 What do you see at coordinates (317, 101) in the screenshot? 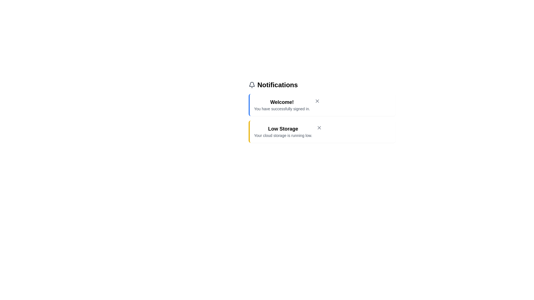
I see `the small gray 'X' icon located at the top-right of the notification with the bold 'Welcome!' text` at bounding box center [317, 101].